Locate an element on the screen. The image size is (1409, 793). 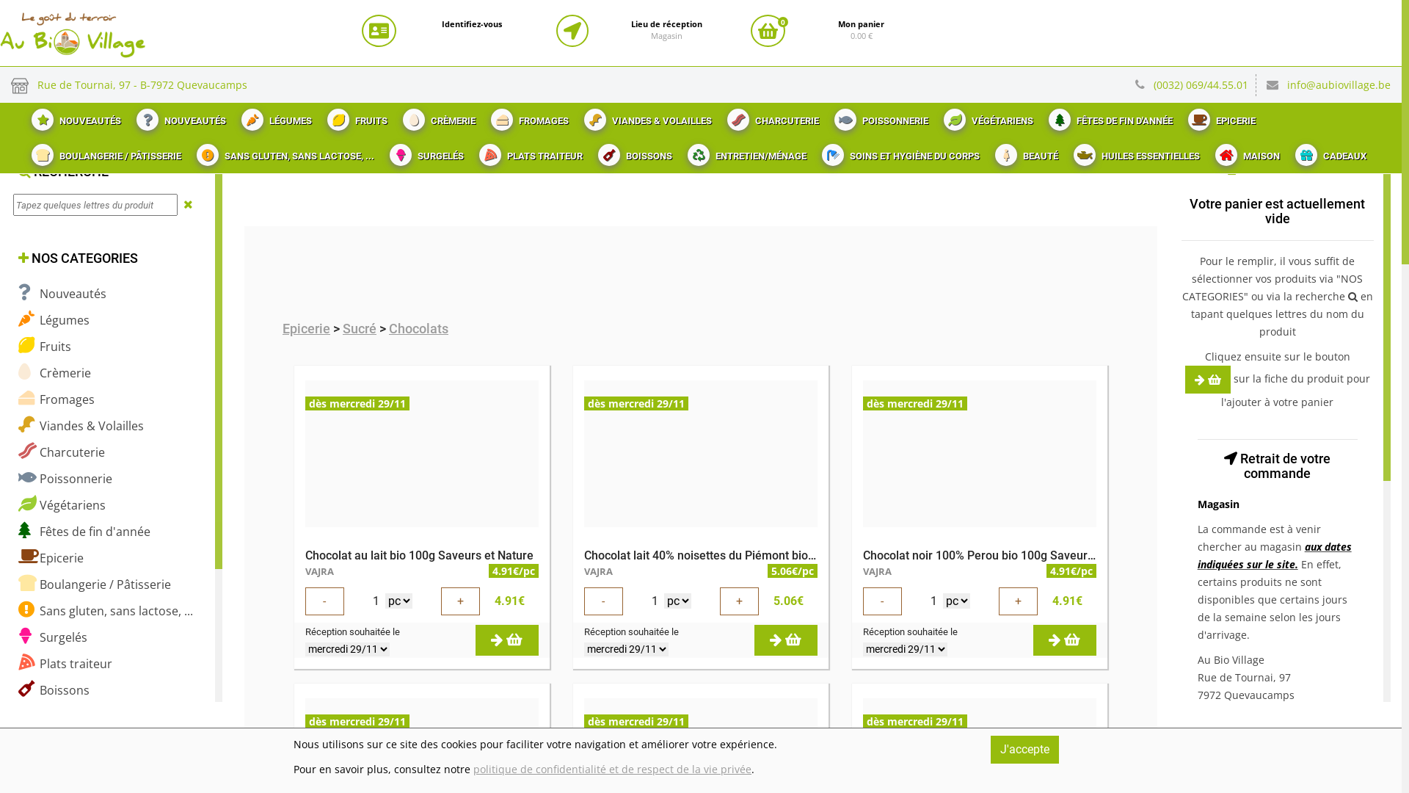
'Epicerie' is located at coordinates (305, 327).